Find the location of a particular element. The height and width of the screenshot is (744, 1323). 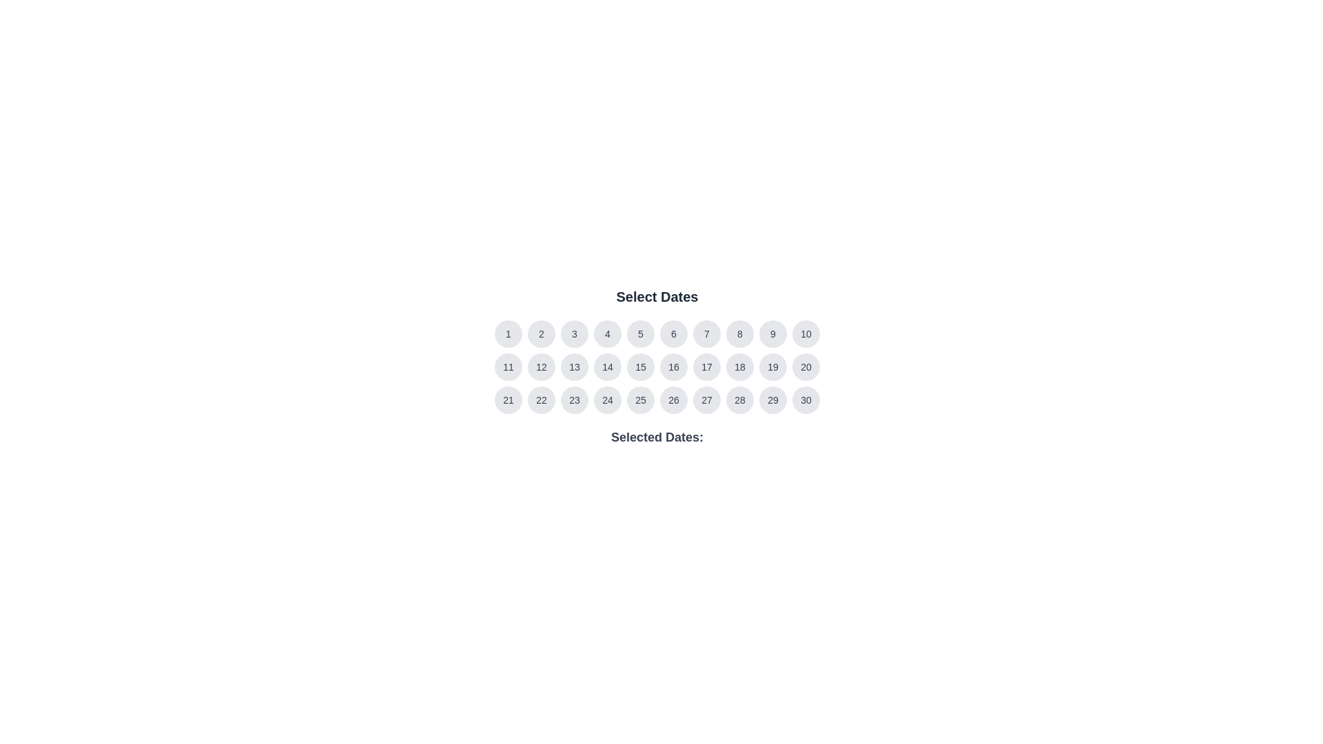

the circular button labeled '30' at the bottom-right corner of the date grid is located at coordinates (806, 400).